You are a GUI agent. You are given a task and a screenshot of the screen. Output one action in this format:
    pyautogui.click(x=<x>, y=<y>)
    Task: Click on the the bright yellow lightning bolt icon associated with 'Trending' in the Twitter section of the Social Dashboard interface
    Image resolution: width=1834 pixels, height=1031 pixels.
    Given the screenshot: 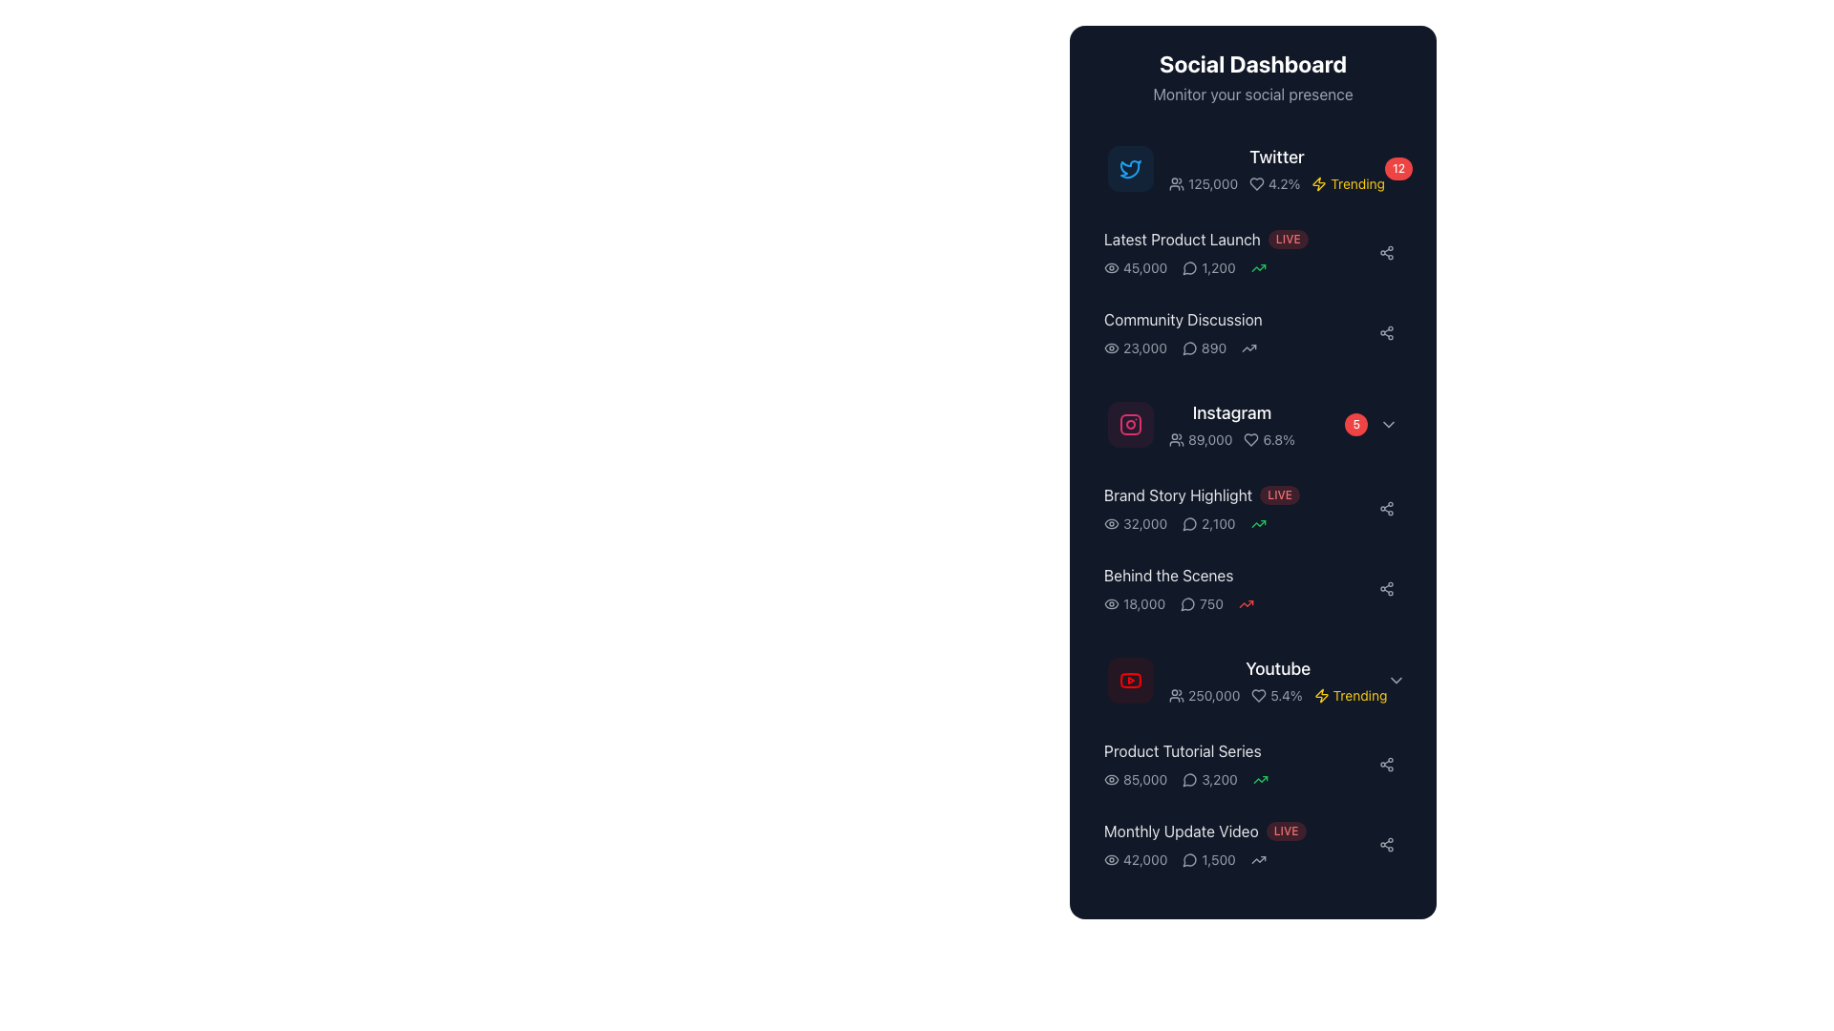 What is the action you would take?
    pyautogui.click(x=1318, y=183)
    